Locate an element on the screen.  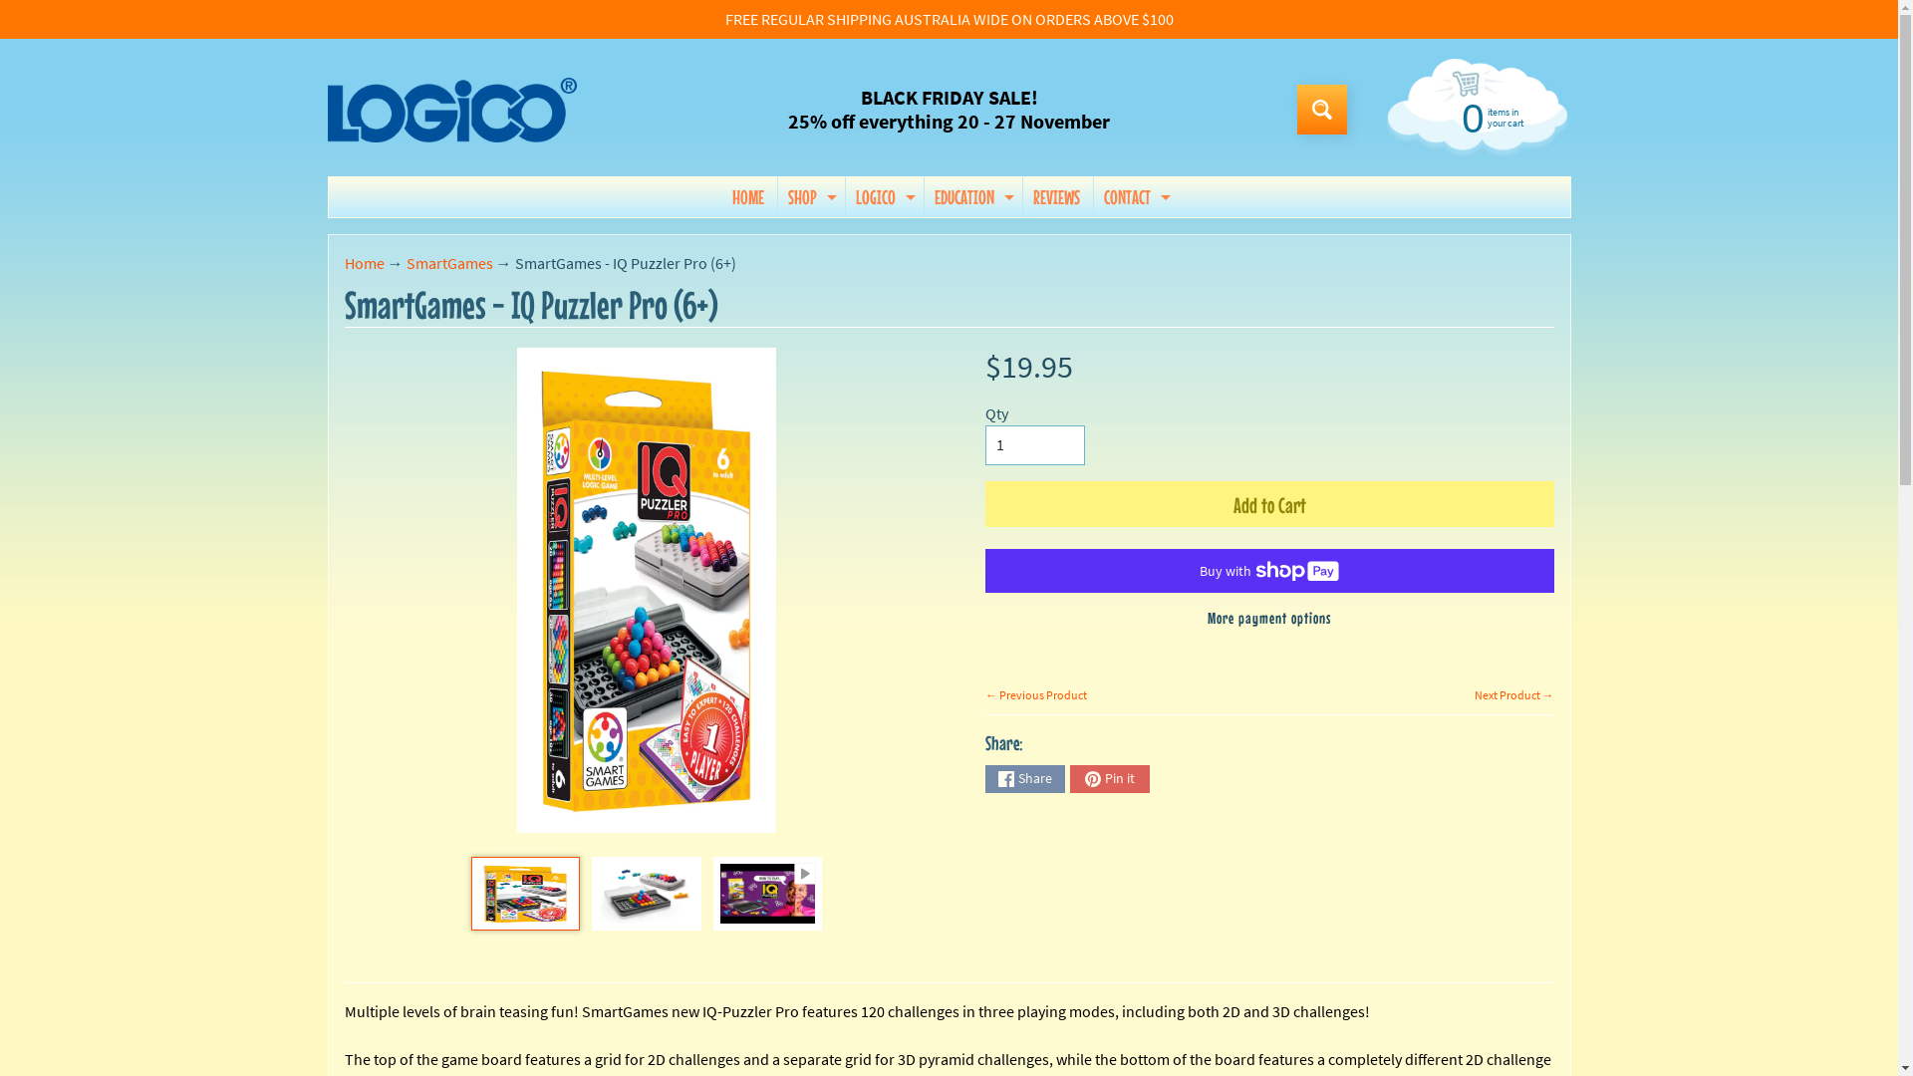
'HOME' is located at coordinates (746, 196).